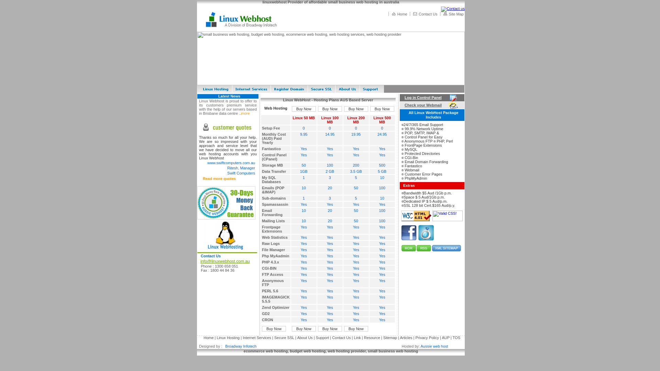 The image size is (660, 371). Describe the element at coordinates (240, 346) in the screenshot. I see `'Broadway Infotech'` at that location.